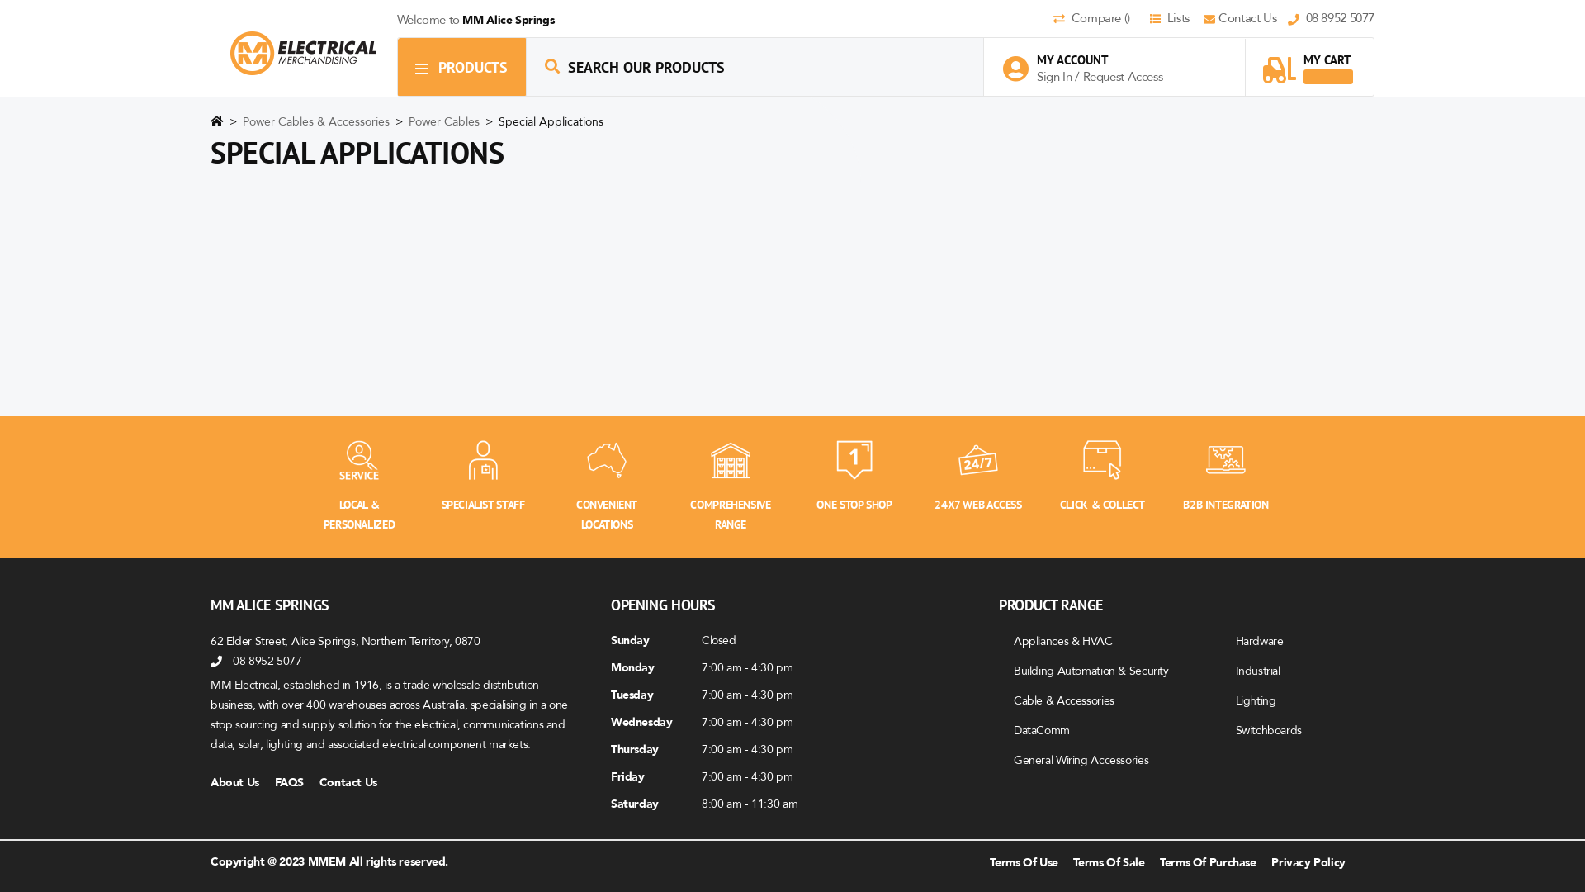 This screenshot has width=1585, height=892. I want to click on '62 Elder Street, Alice Springs, Northern Territory, 0870', so click(344, 639).